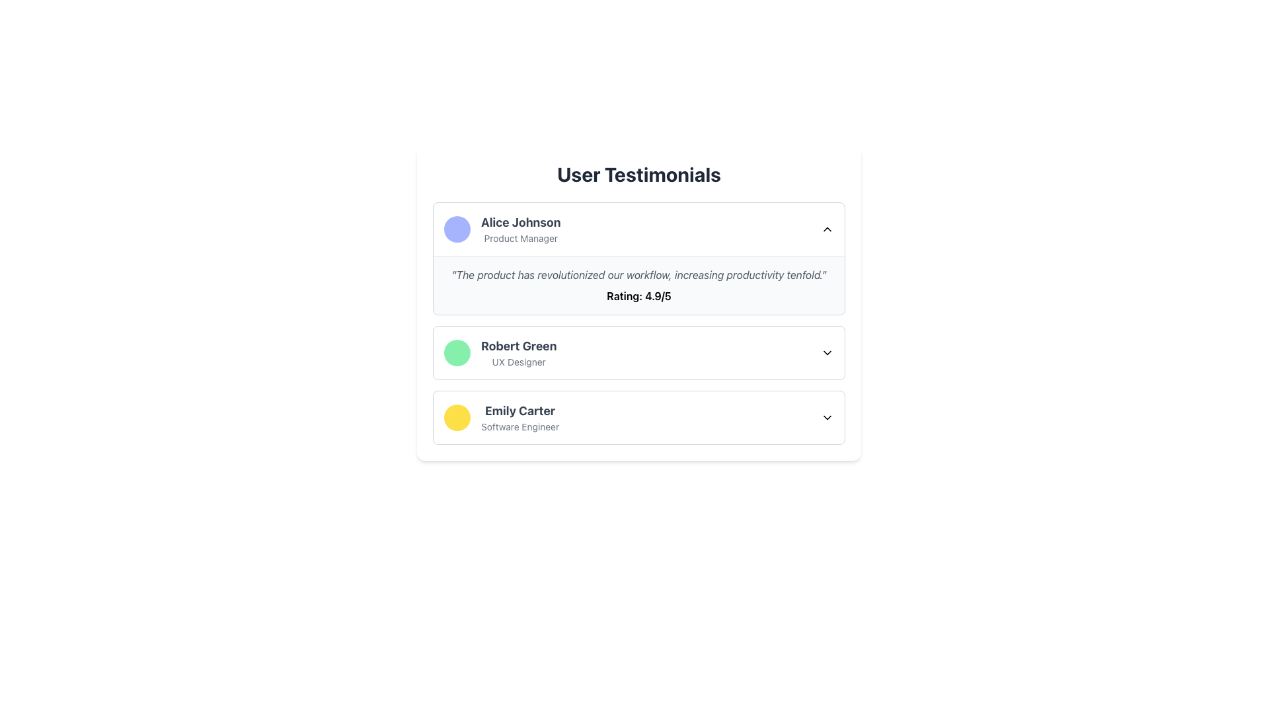 This screenshot has width=1269, height=714. What do you see at coordinates (518, 362) in the screenshot?
I see `the text label displaying 'UX Designer', which is styled in small gray font and positioned directly beneath the bold header 'Robert Green'` at bounding box center [518, 362].